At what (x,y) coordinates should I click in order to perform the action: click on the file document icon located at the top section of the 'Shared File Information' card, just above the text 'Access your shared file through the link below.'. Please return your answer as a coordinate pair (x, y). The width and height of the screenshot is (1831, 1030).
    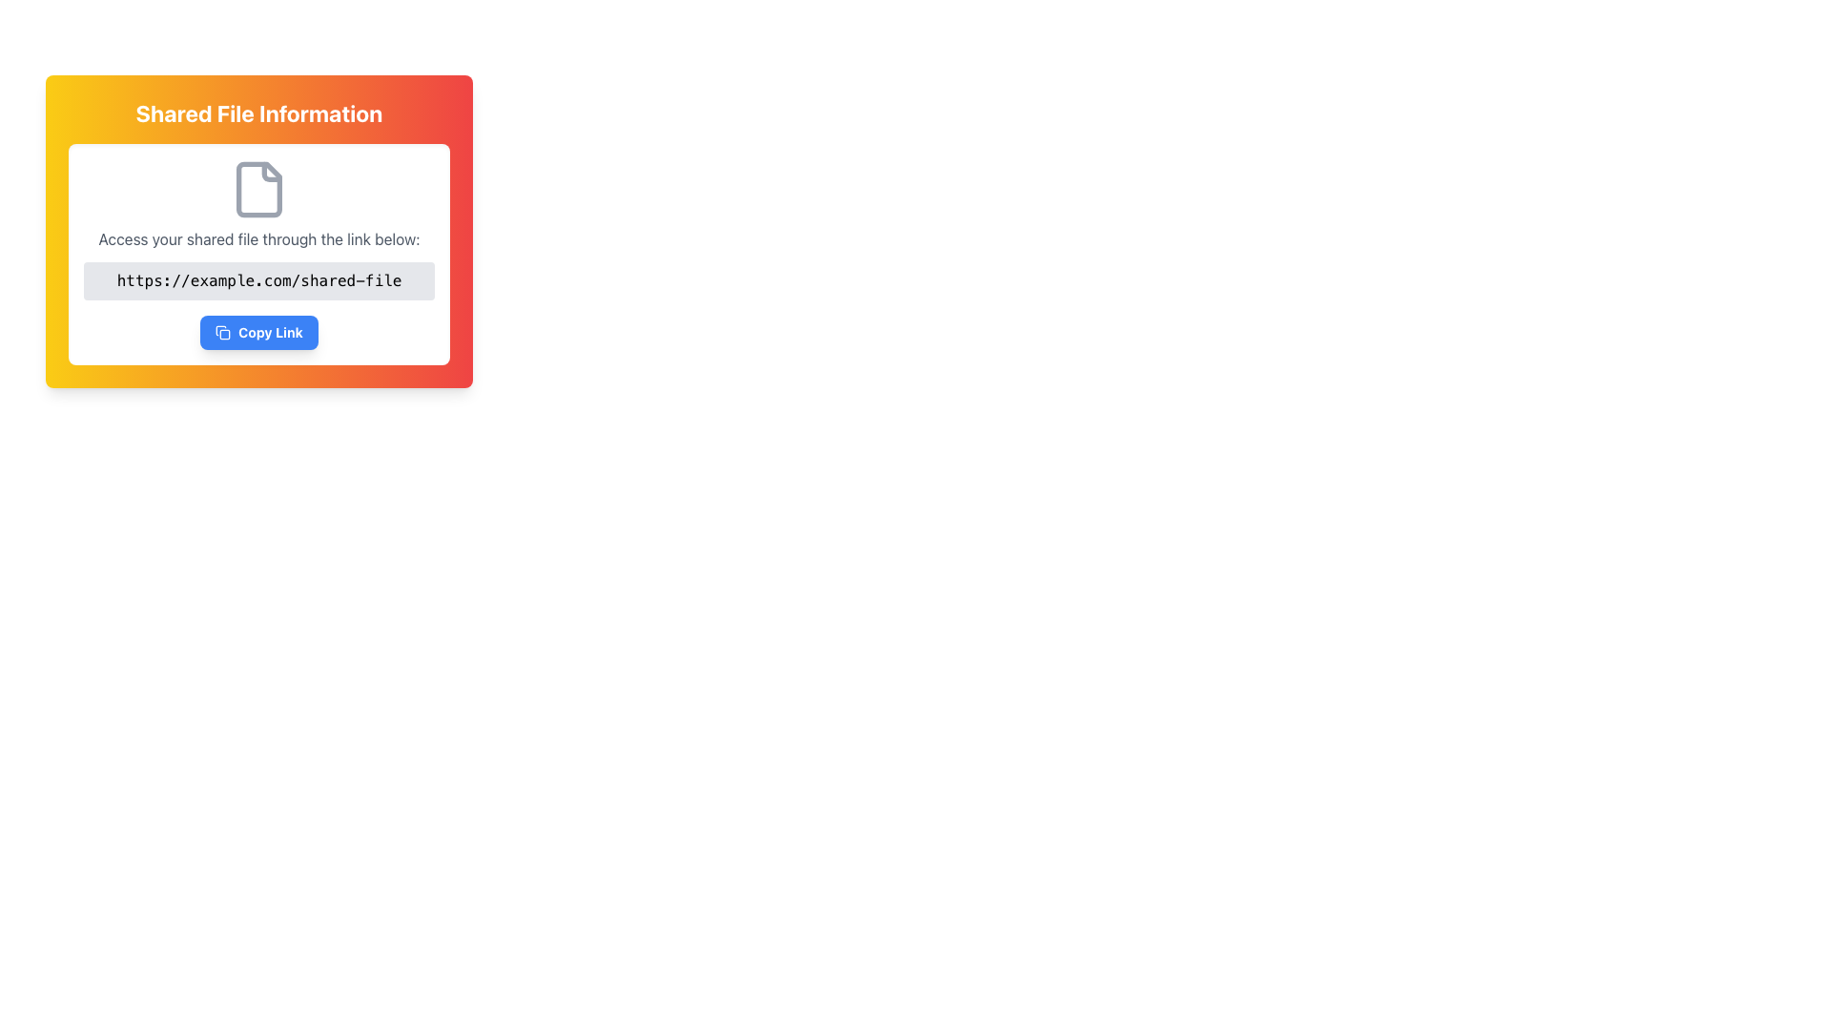
    Looking at the image, I should click on (258, 190).